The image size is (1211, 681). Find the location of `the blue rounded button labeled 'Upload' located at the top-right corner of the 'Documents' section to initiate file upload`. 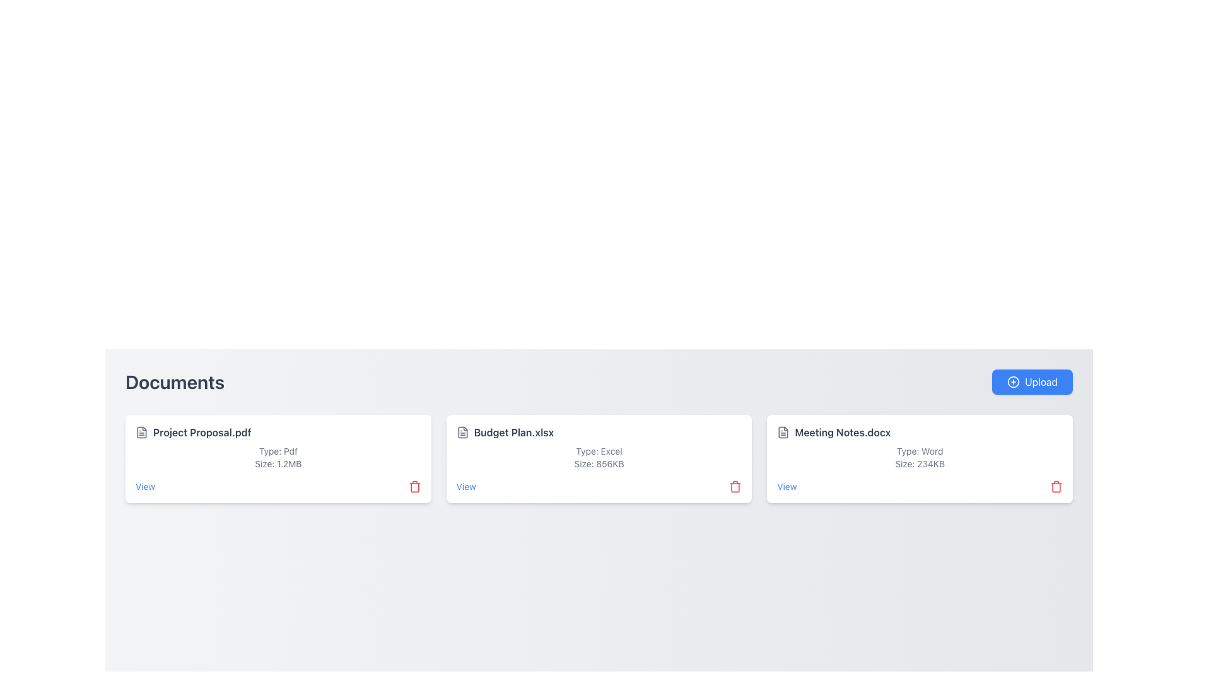

the blue rounded button labeled 'Upload' located at the top-right corner of the 'Documents' section to initiate file upload is located at coordinates (1032, 381).